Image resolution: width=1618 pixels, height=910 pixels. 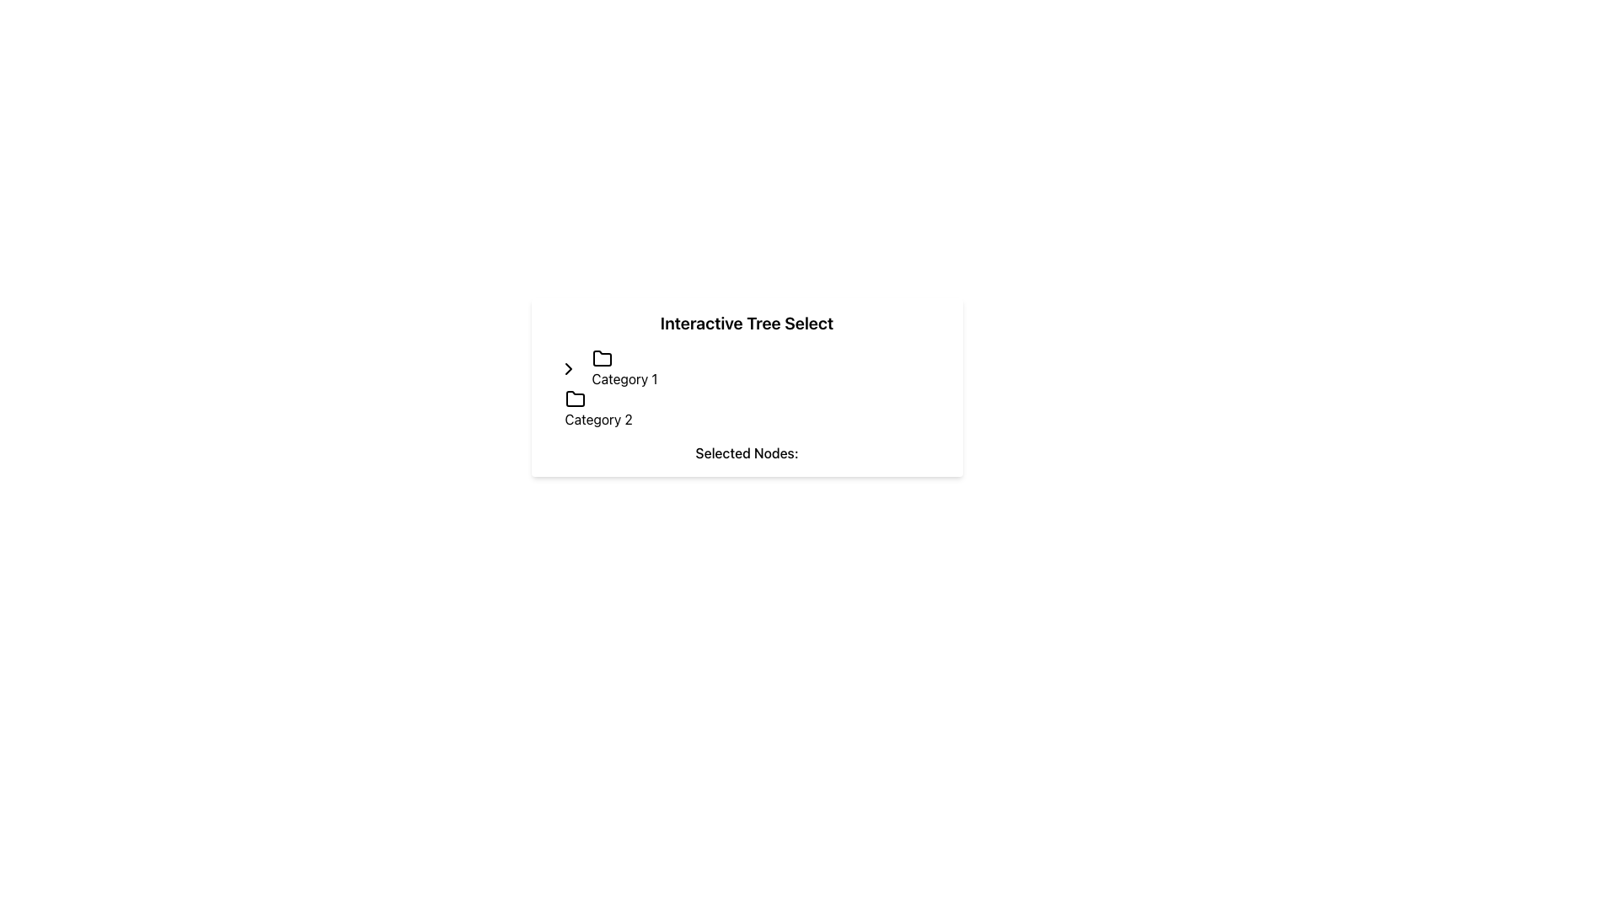 What do you see at coordinates (568, 368) in the screenshot?
I see `the right-facing chevron icon located to the left of the text 'Category 1'` at bounding box center [568, 368].